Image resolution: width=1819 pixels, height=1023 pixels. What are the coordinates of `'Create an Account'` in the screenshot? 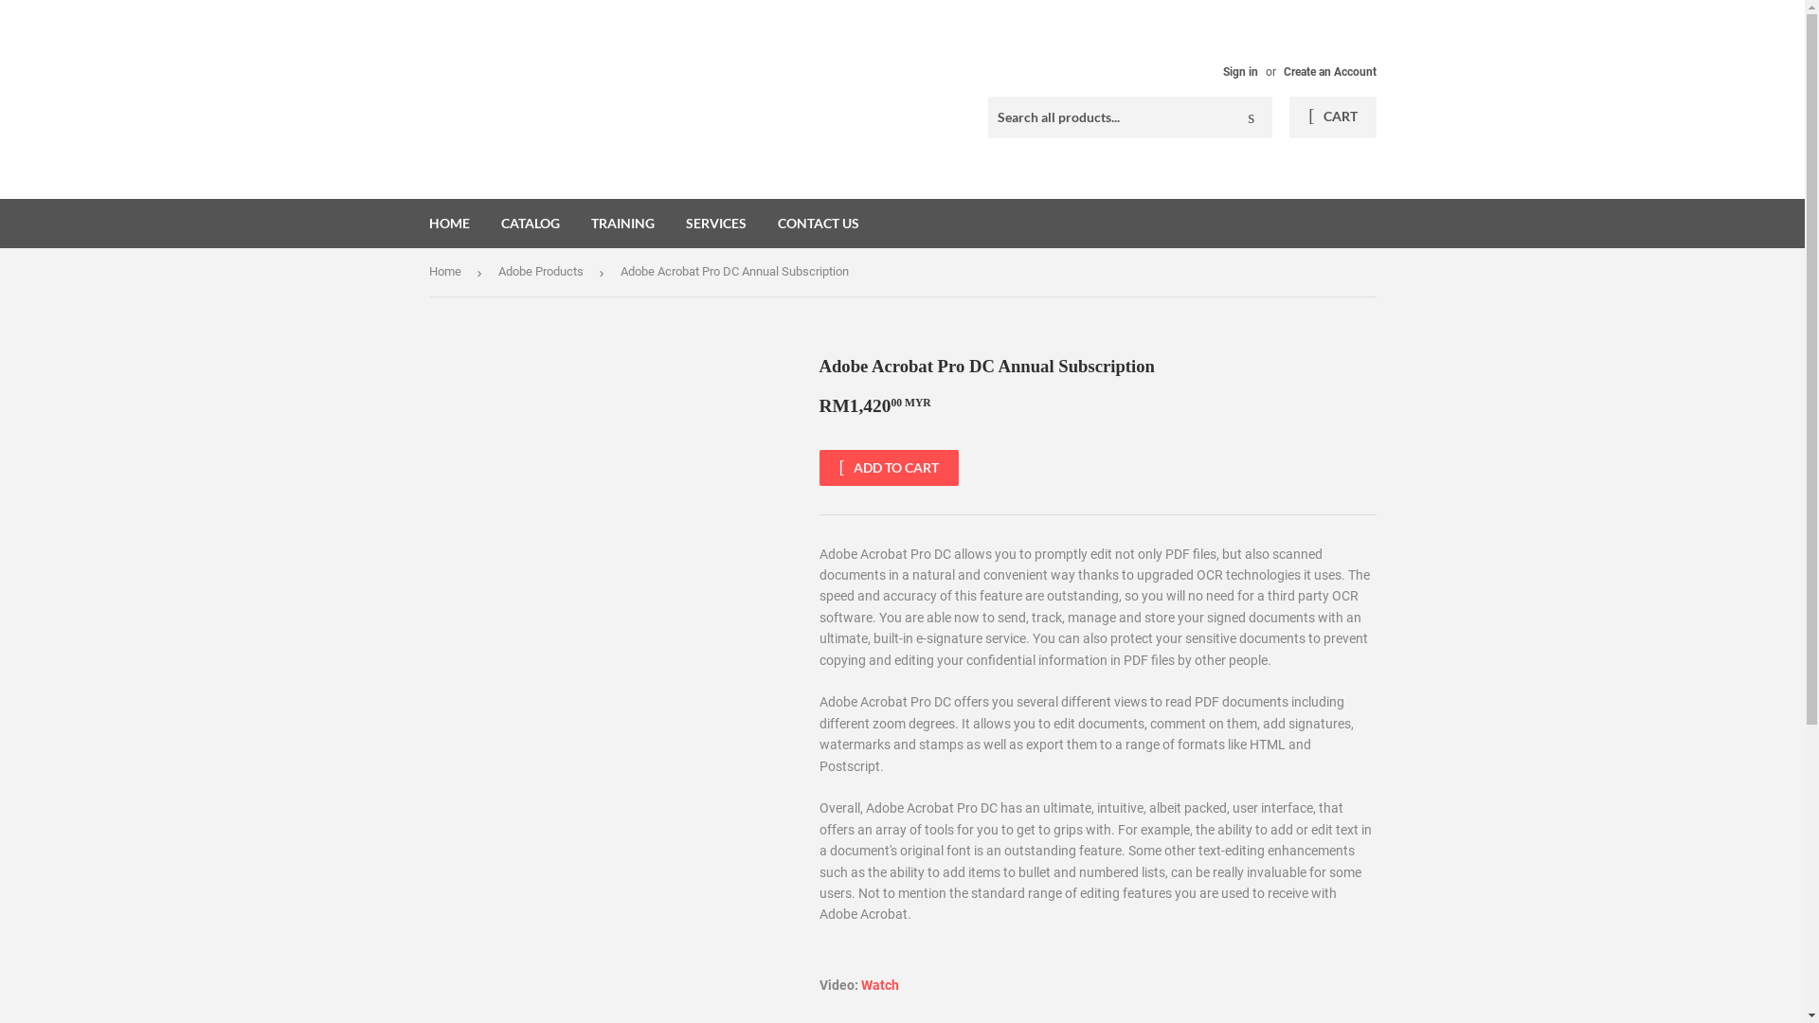 It's located at (1327, 71).